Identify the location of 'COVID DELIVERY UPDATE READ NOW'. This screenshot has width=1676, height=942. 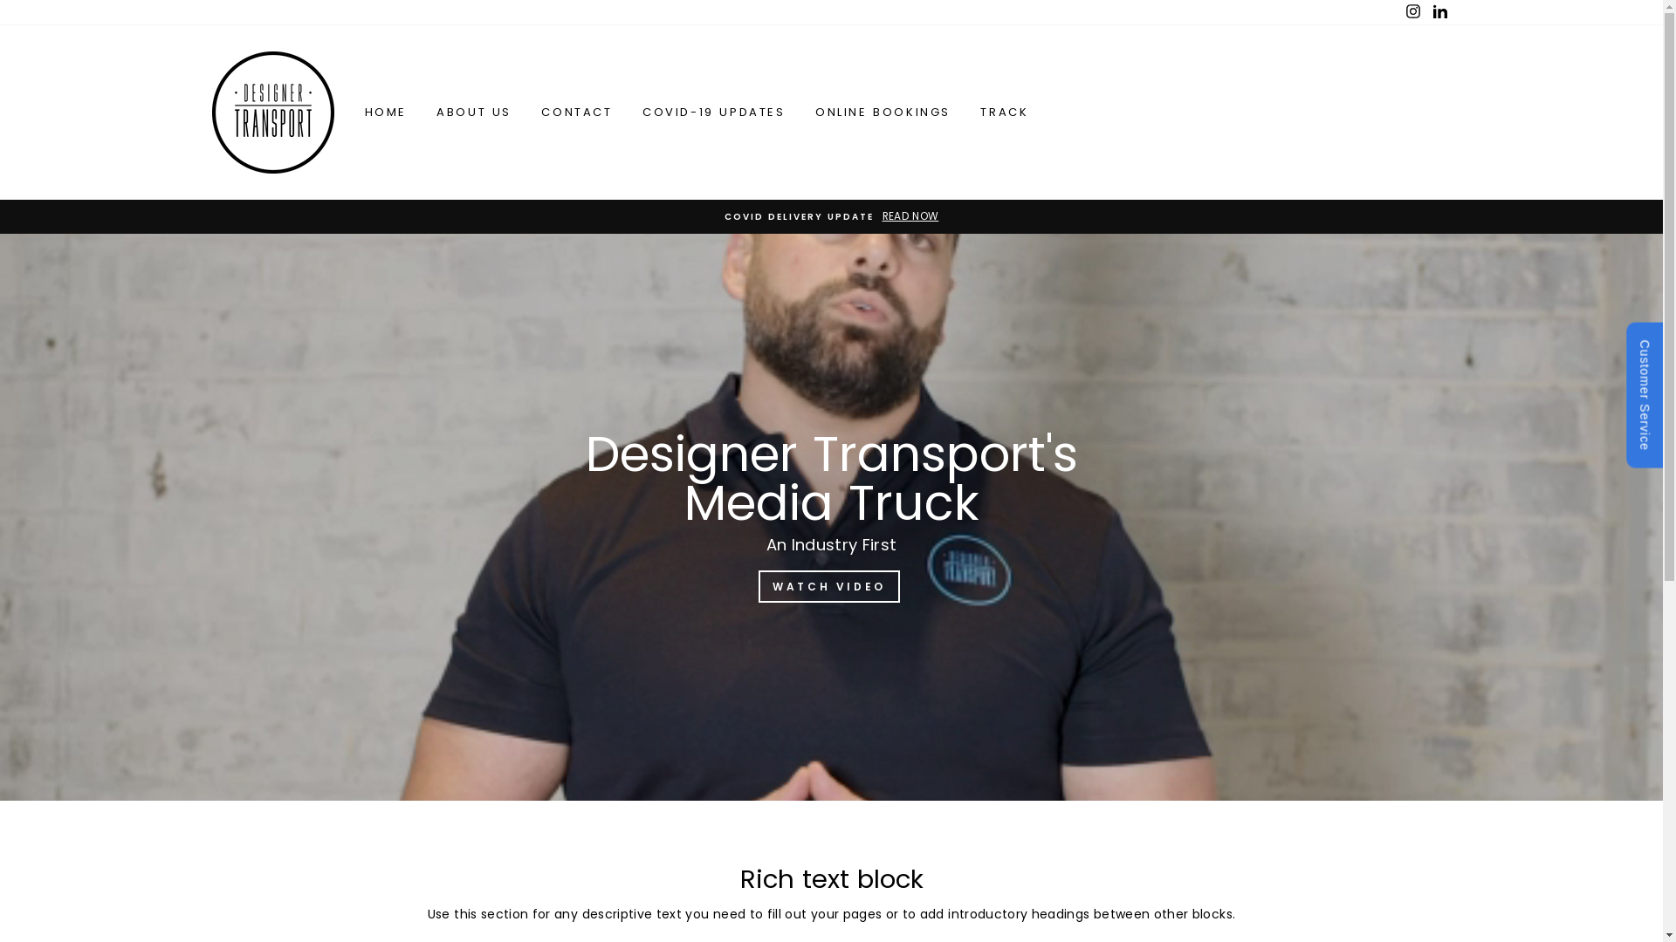
(831, 215).